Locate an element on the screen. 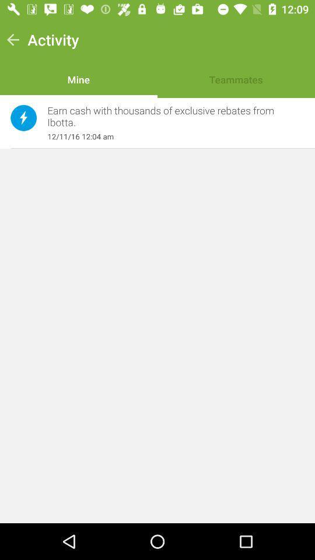 This screenshot has width=315, height=560. the icon next to the activity is located at coordinates (12, 40).